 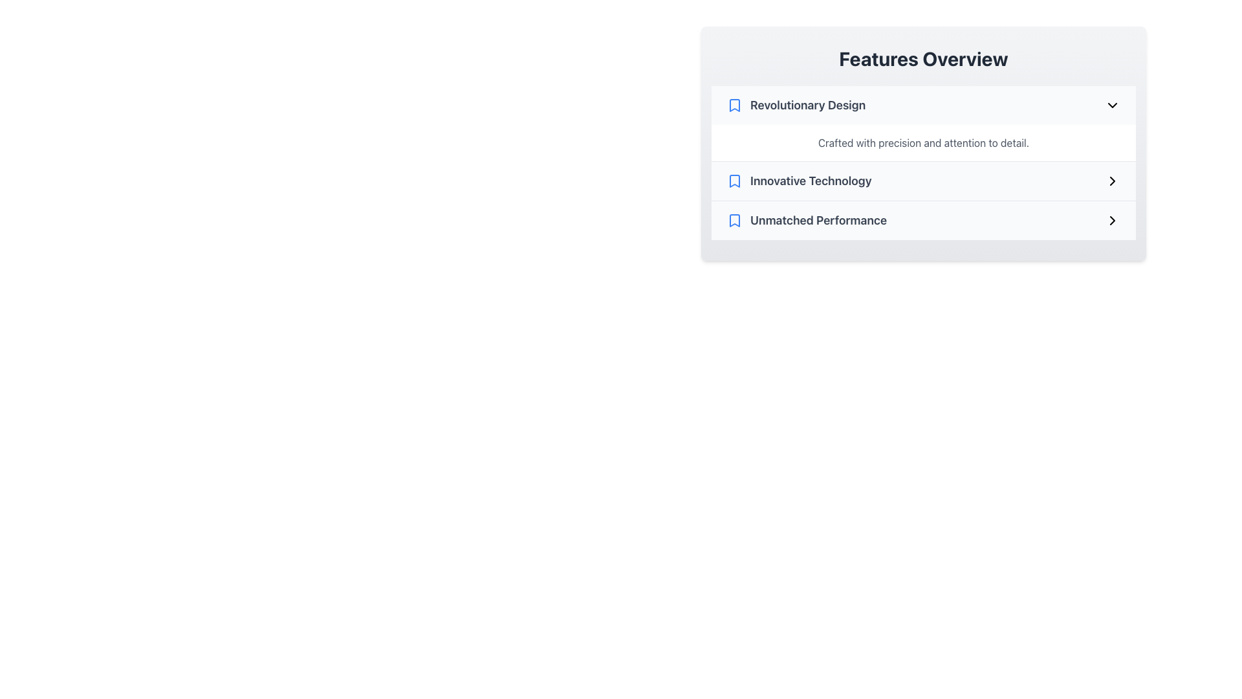 I want to click on the downward-pointing chevron icon outlined in black, located to the right of the text 'Revolutionary Design' and the bookmark icon, so click(x=1111, y=104).